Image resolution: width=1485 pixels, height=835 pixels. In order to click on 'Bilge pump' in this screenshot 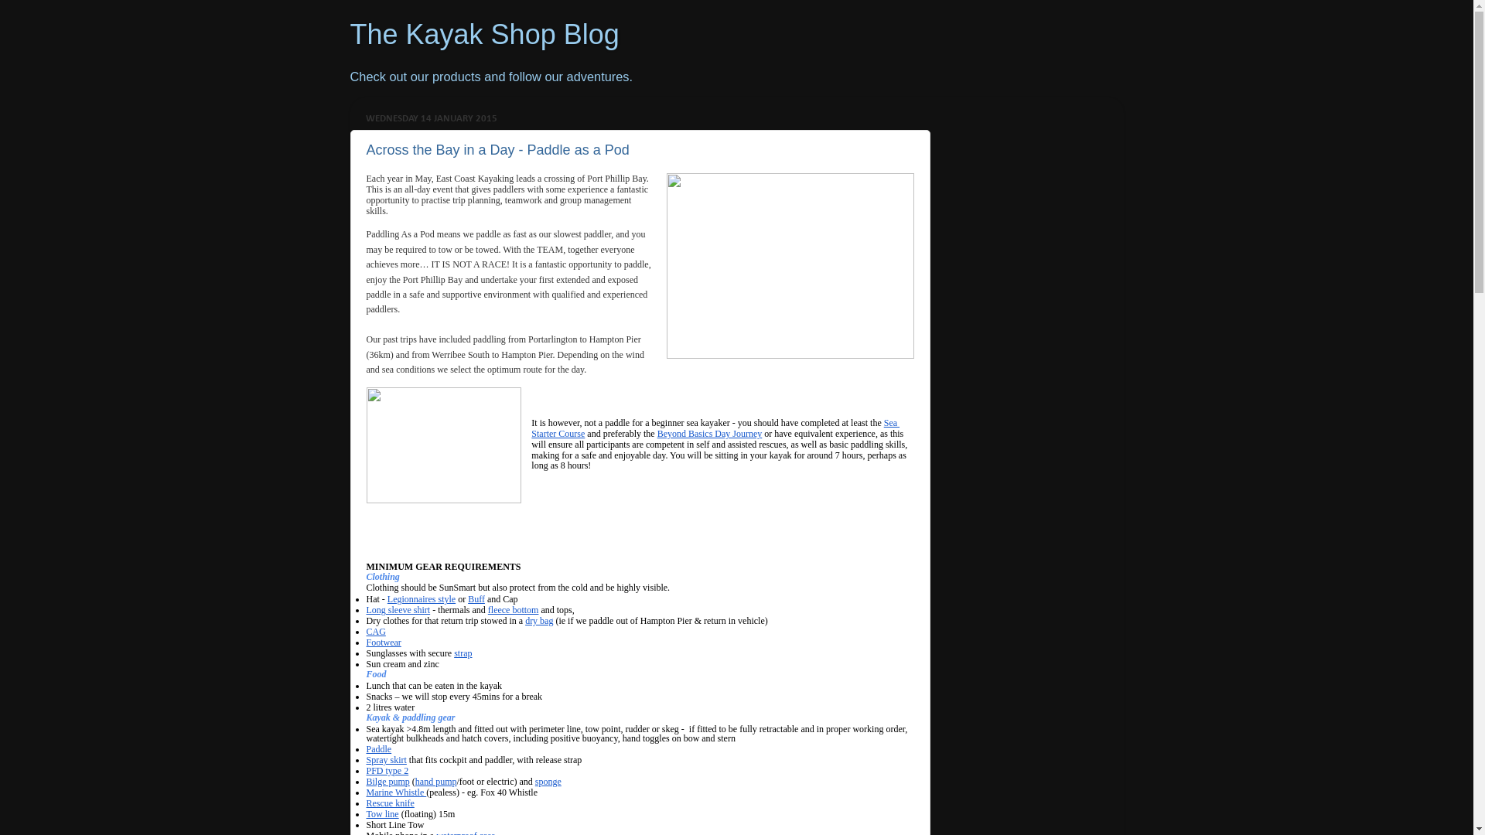, I will do `click(388, 781)`.